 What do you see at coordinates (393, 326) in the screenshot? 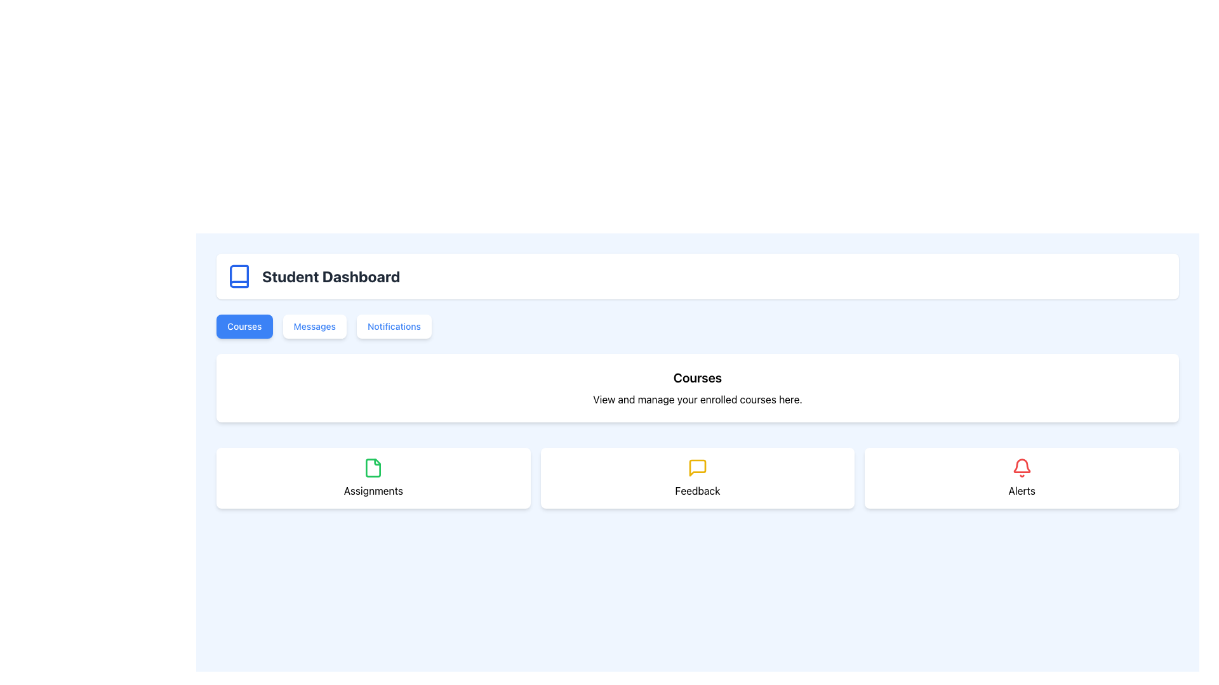
I see `the 'Notifications' button, which is the third button under the 'Student Dashboard' heading, positioned to the right of the 'Messages' button` at bounding box center [393, 326].